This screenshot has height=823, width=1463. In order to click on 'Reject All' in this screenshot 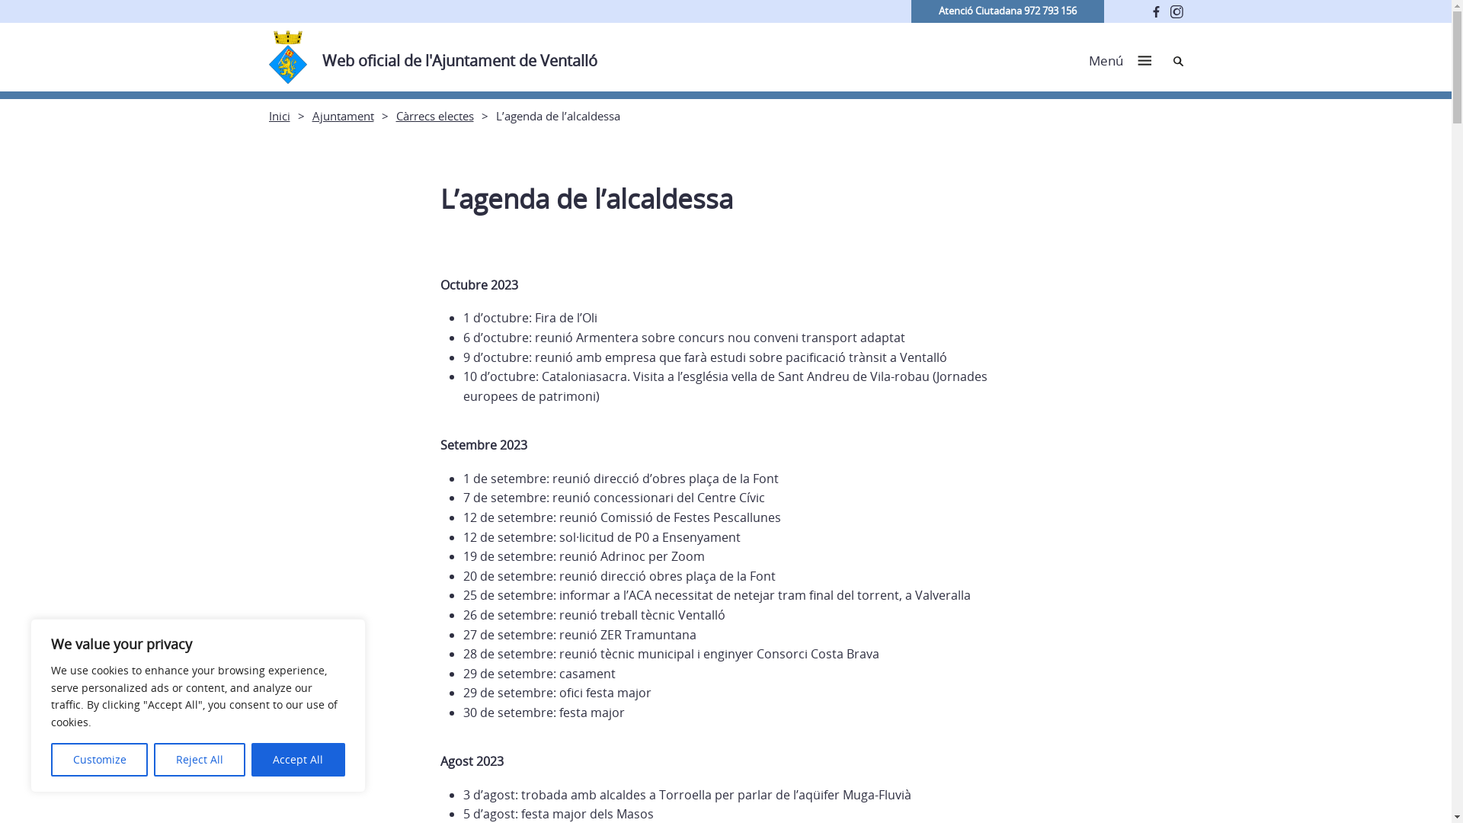, I will do `click(198, 759)`.